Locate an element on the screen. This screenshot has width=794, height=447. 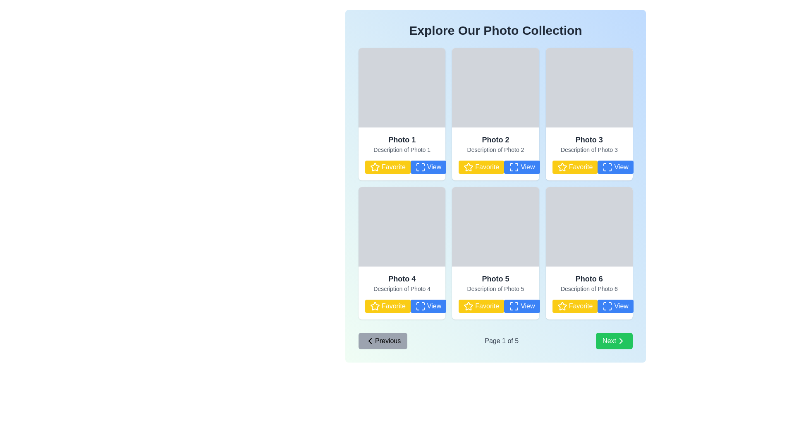
the image placeholder located at the top section of the 'Photo 6' card in the lower right corner of the grid layout is located at coordinates (588, 226).